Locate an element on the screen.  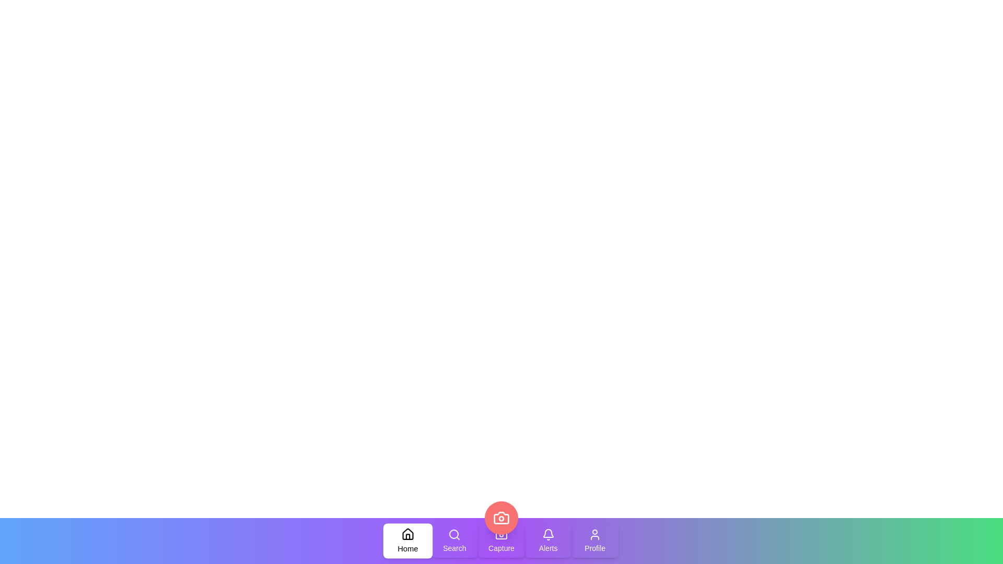
the camera button located at the center of the navigation bar is located at coordinates (501, 518).